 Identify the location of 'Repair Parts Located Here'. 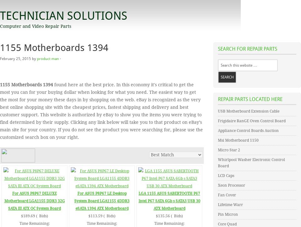
(218, 99).